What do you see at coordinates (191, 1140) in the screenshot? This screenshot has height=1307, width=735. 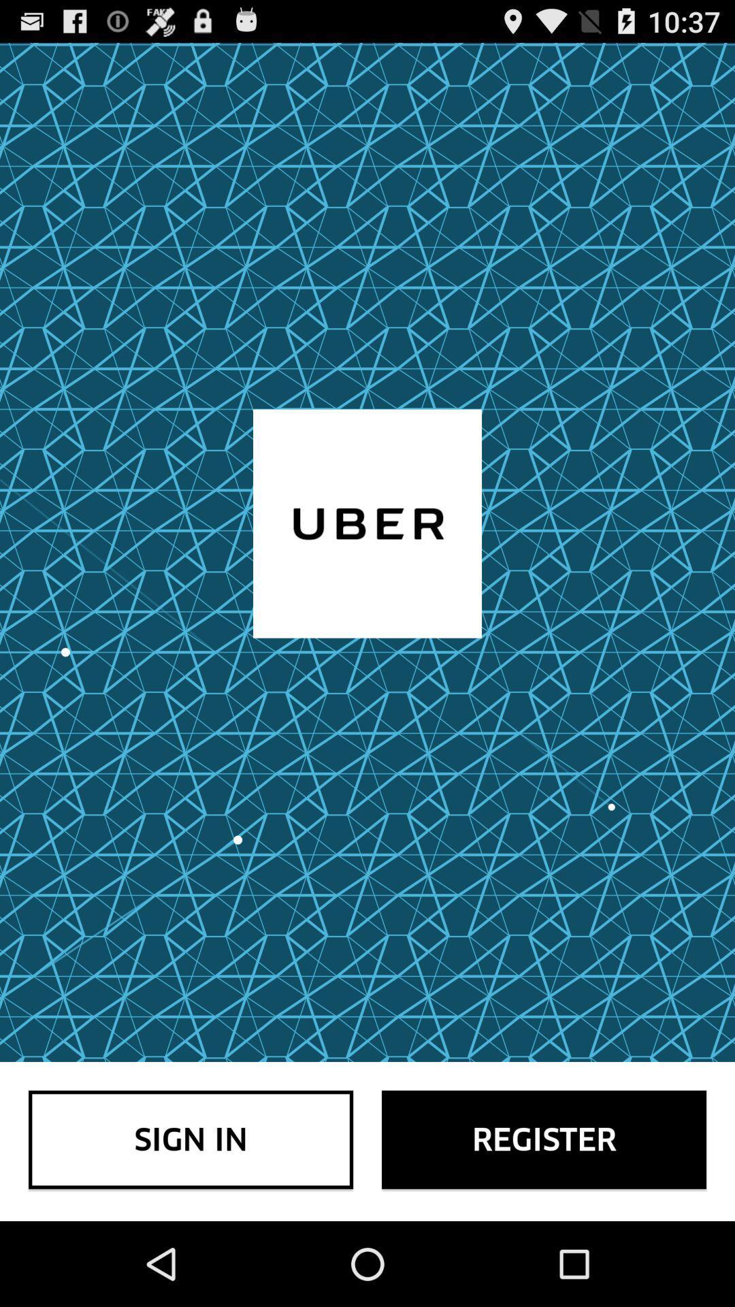 I see `the item next to the register` at bounding box center [191, 1140].